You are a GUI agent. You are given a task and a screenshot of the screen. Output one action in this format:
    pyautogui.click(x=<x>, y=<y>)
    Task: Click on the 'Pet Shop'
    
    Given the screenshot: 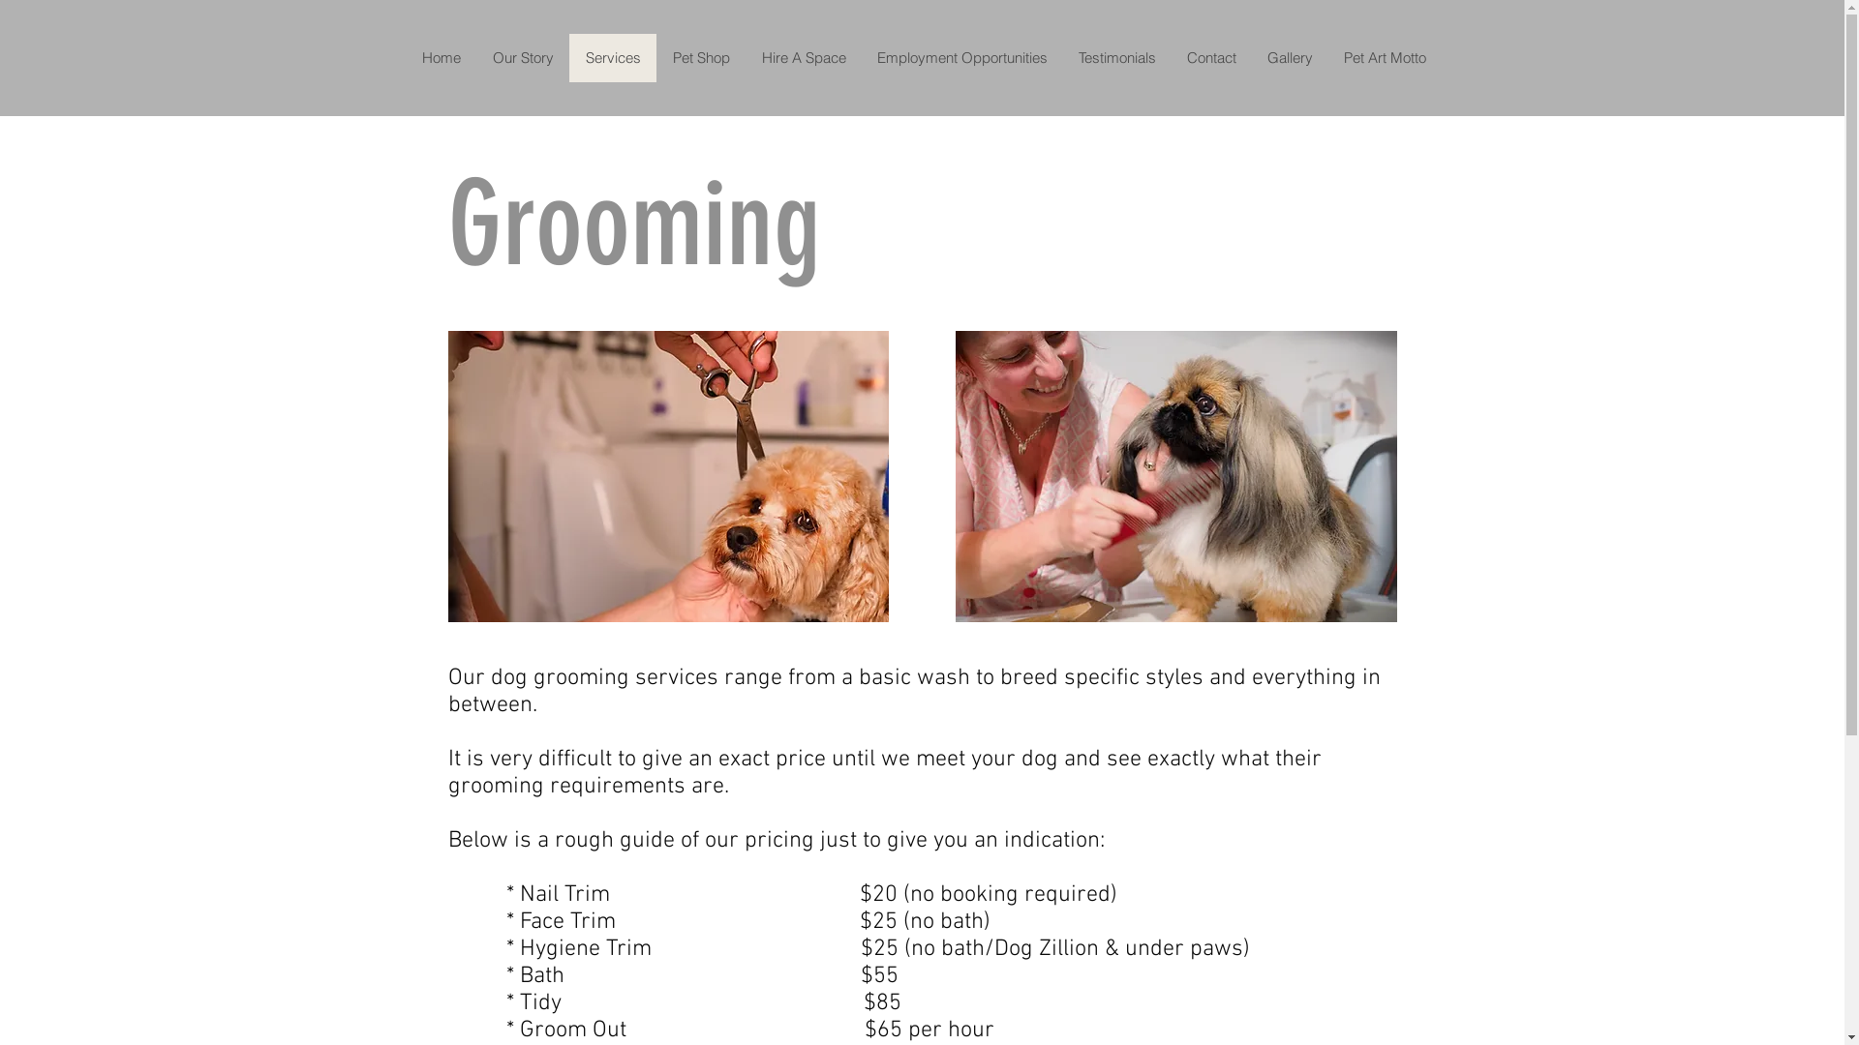 What is the action you would take?
    pyautogui.click(x=700, y=57)
    